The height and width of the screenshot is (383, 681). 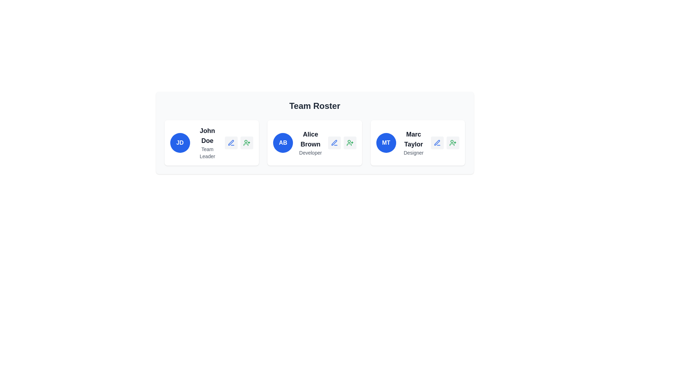 What do you see at coordinates (207, 143) in the screenshot?
I see `the text display element showing 'John Doe' and 'Team Leader', which is positioned to the right of a circular avatar with initials 'JD'` at bounding box center [207, 143].